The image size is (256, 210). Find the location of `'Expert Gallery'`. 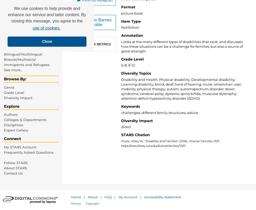

'Expert Gallery' is located at coordinates (16, 130).